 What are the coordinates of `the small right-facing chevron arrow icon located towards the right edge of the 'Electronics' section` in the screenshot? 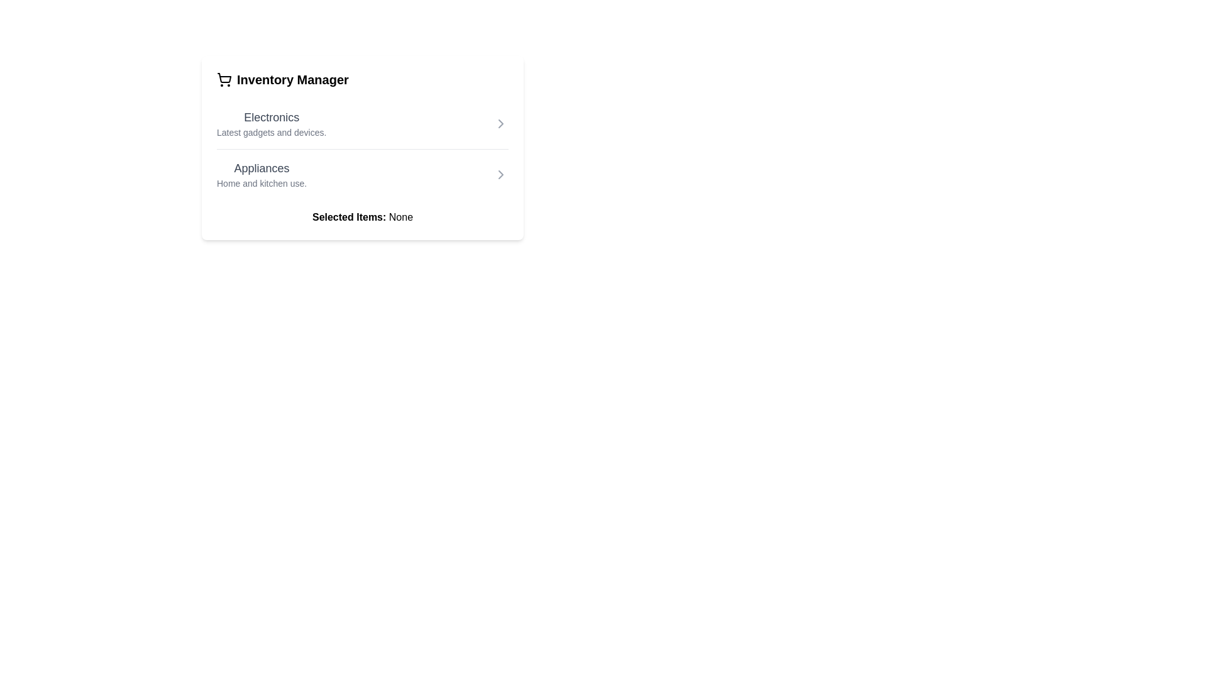 It's located at (500, 123).